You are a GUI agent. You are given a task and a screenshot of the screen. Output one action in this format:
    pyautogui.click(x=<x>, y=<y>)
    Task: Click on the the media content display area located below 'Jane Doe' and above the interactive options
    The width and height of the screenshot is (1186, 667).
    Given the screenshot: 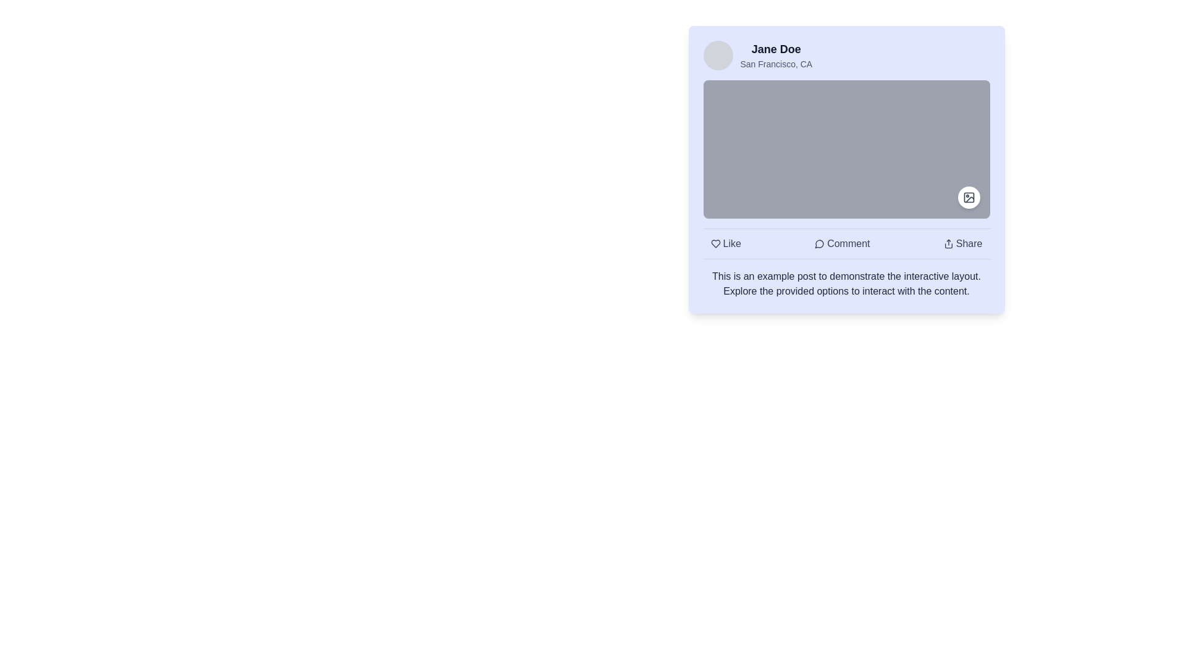 What is the action you would take?
    pyautogui.click(x=846, y=149)
    